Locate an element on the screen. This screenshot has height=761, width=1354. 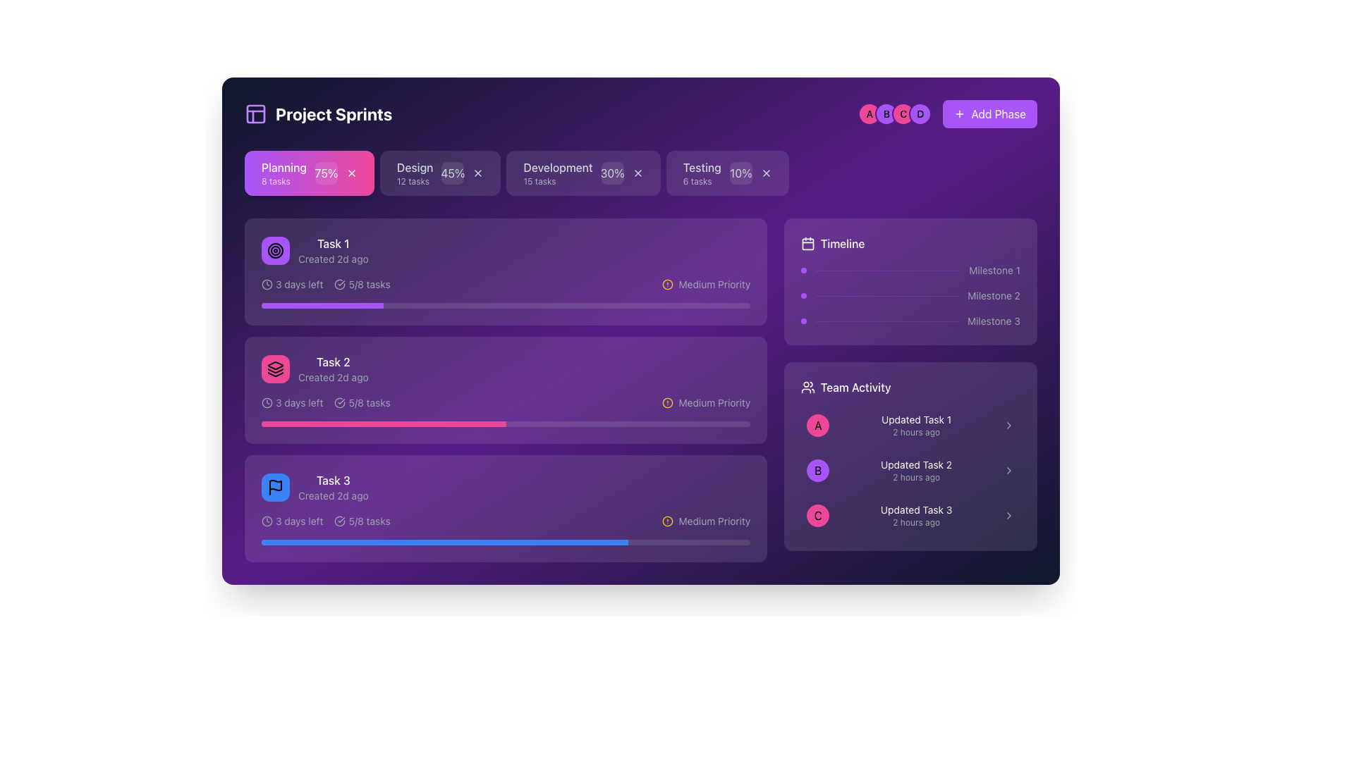
the icon of a circle with a checkmark inside located next to the text '5/8 tasks' in the task card labeled 'Task 3' is located at coordinates (340, 521).